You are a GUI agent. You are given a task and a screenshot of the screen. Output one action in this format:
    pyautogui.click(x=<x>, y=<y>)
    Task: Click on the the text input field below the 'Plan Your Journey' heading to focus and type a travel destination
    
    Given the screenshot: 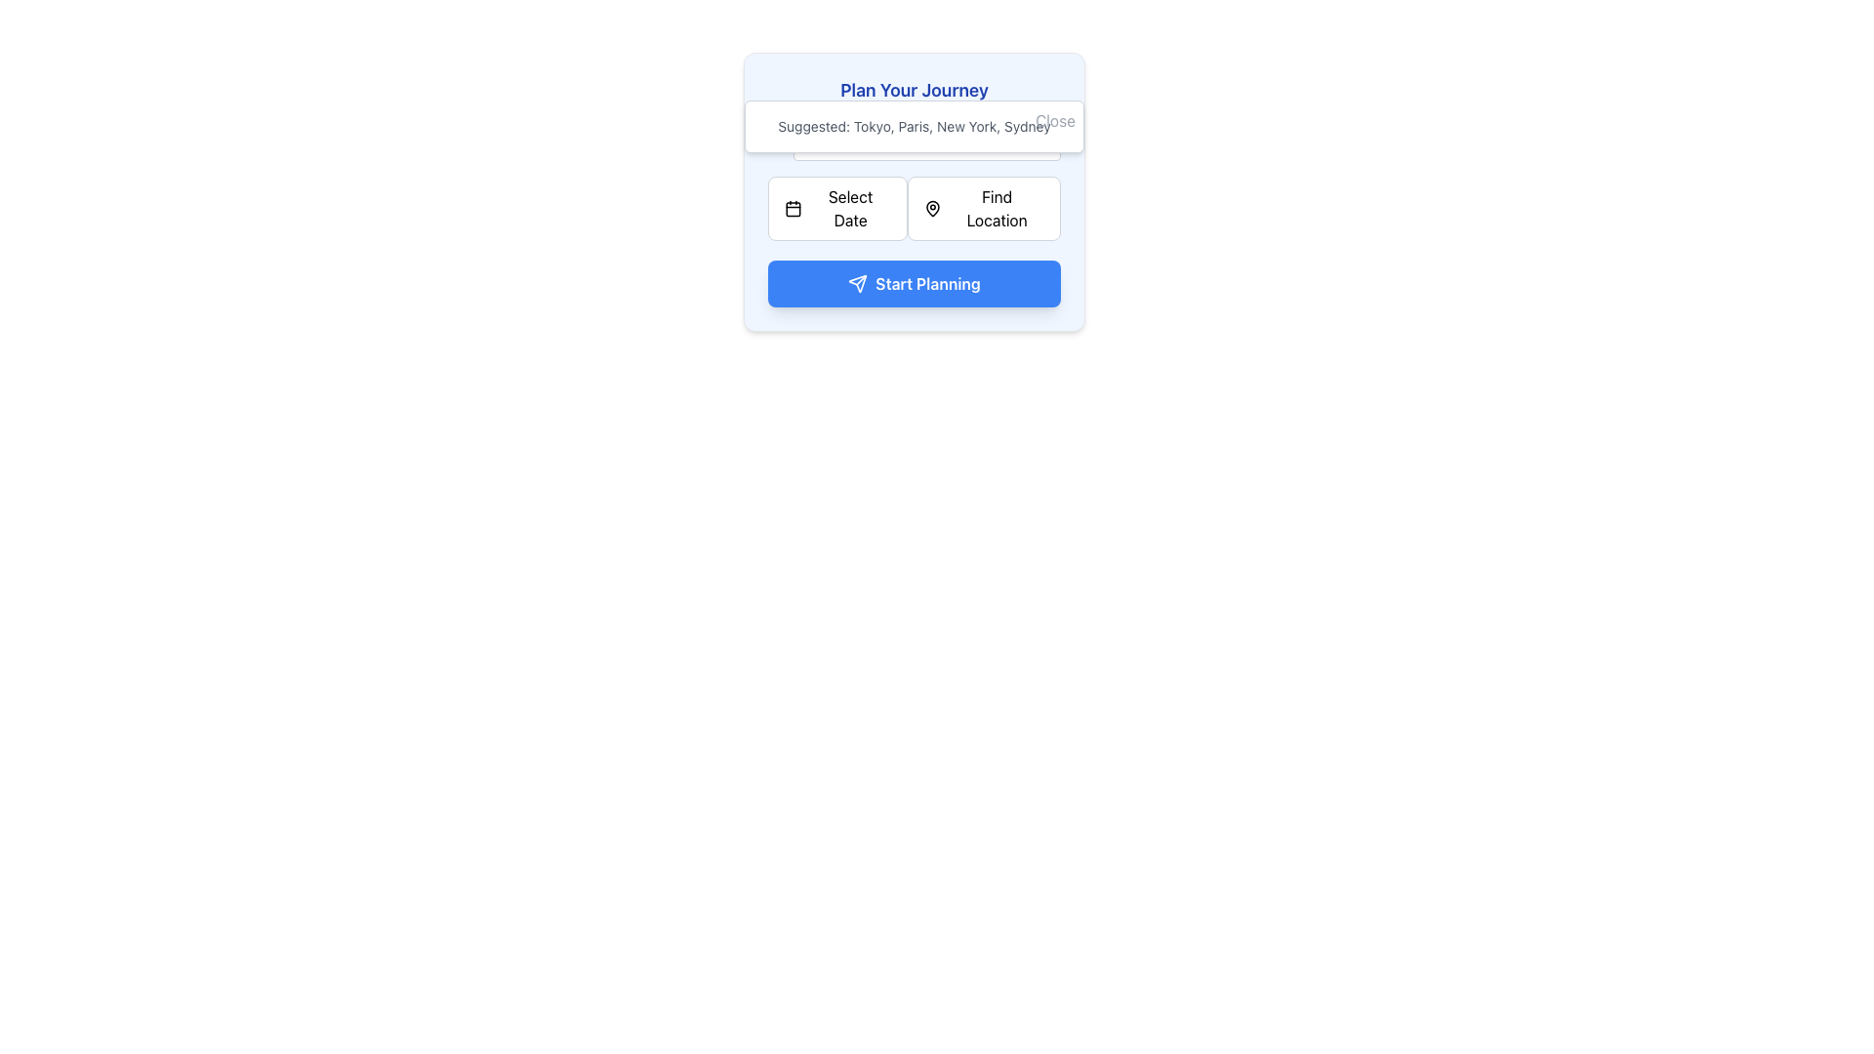 What is the action you would take?
    pyautogui.click(x=926, y=139)
    